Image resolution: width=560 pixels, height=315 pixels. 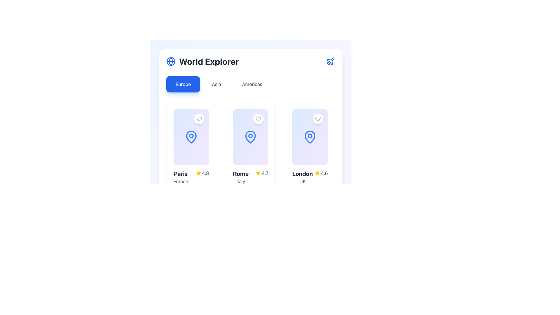 What do you see at coordinates (324, 173) in the screenshot?
I see `the numerical rating text '4.6' displayed in a gray font next to the yellow star icon, which is part of the 'London, UK' card in the third column of location cards` at bounding box center [324, 173].